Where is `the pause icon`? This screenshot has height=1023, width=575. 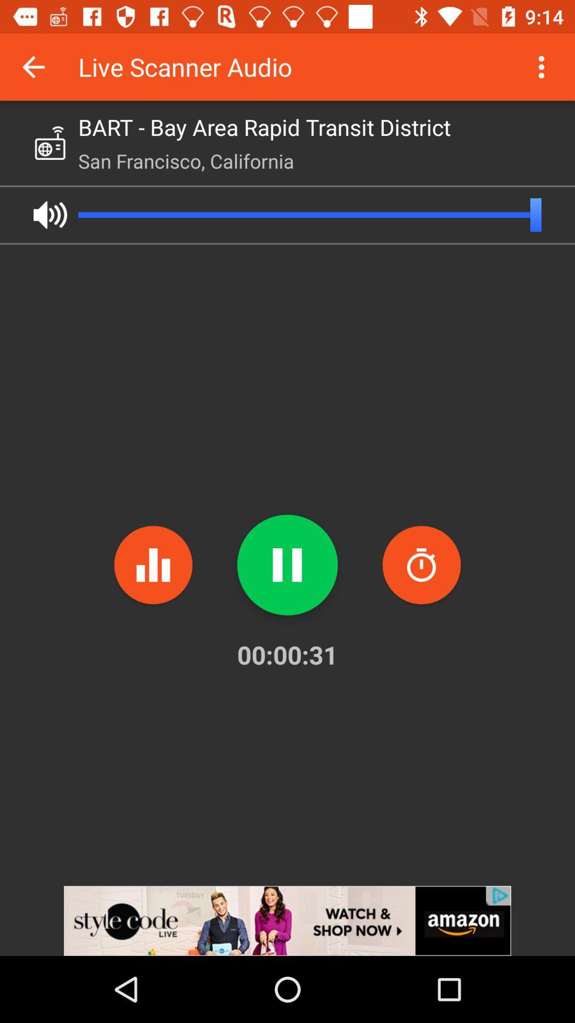
the pause icon is located at coordinates (153, 564).